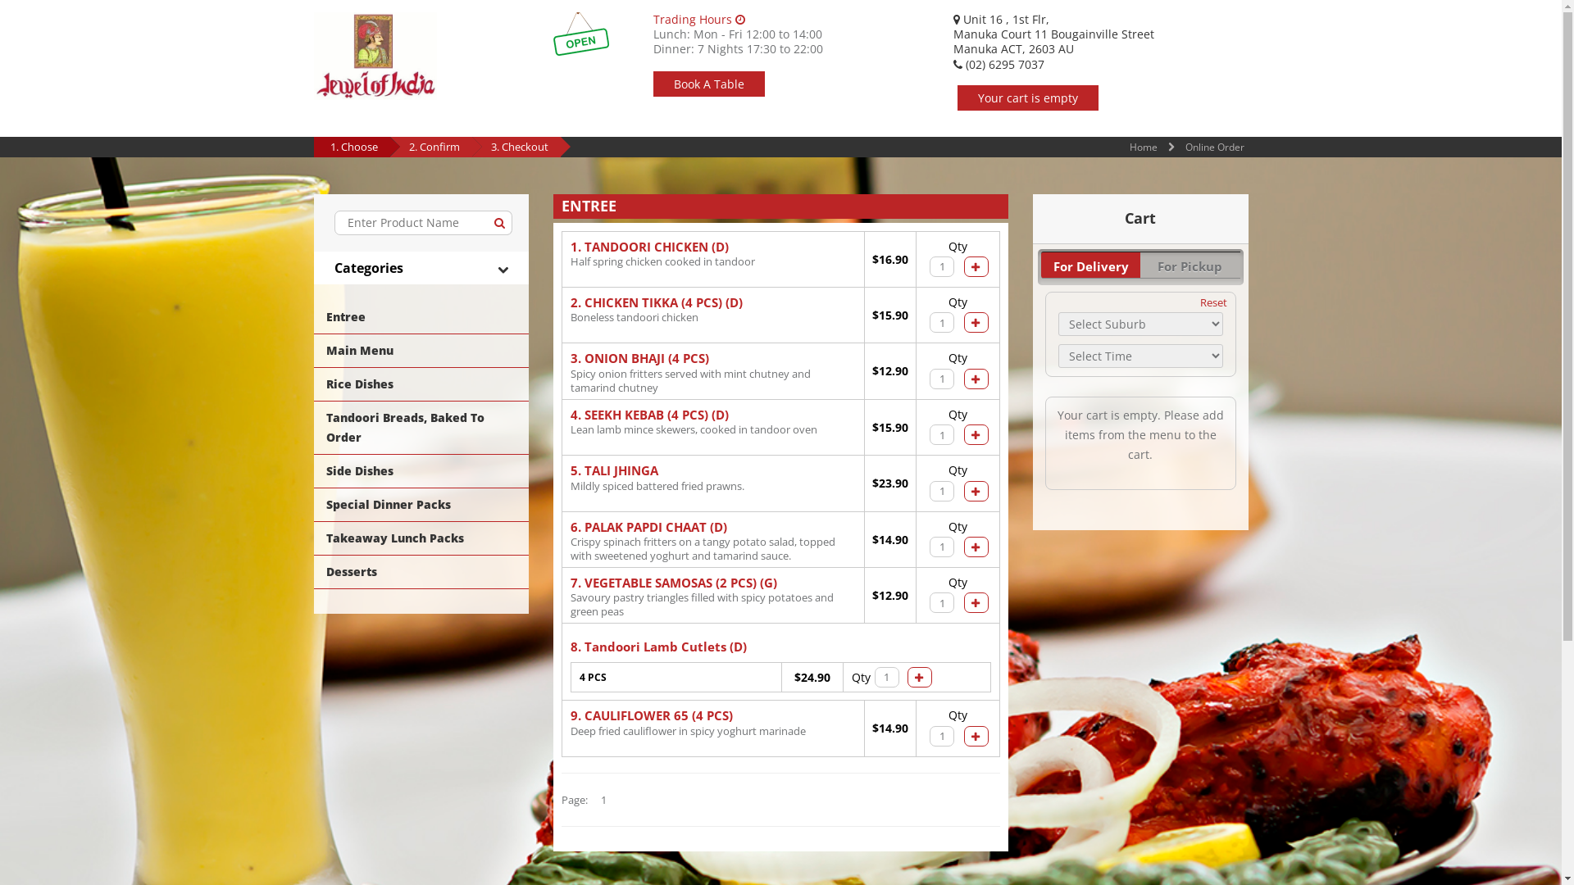  What do you see at coordinates (421, 571) in the screenshot?
I see `'Desserts'` at bounding box center [421, 571].